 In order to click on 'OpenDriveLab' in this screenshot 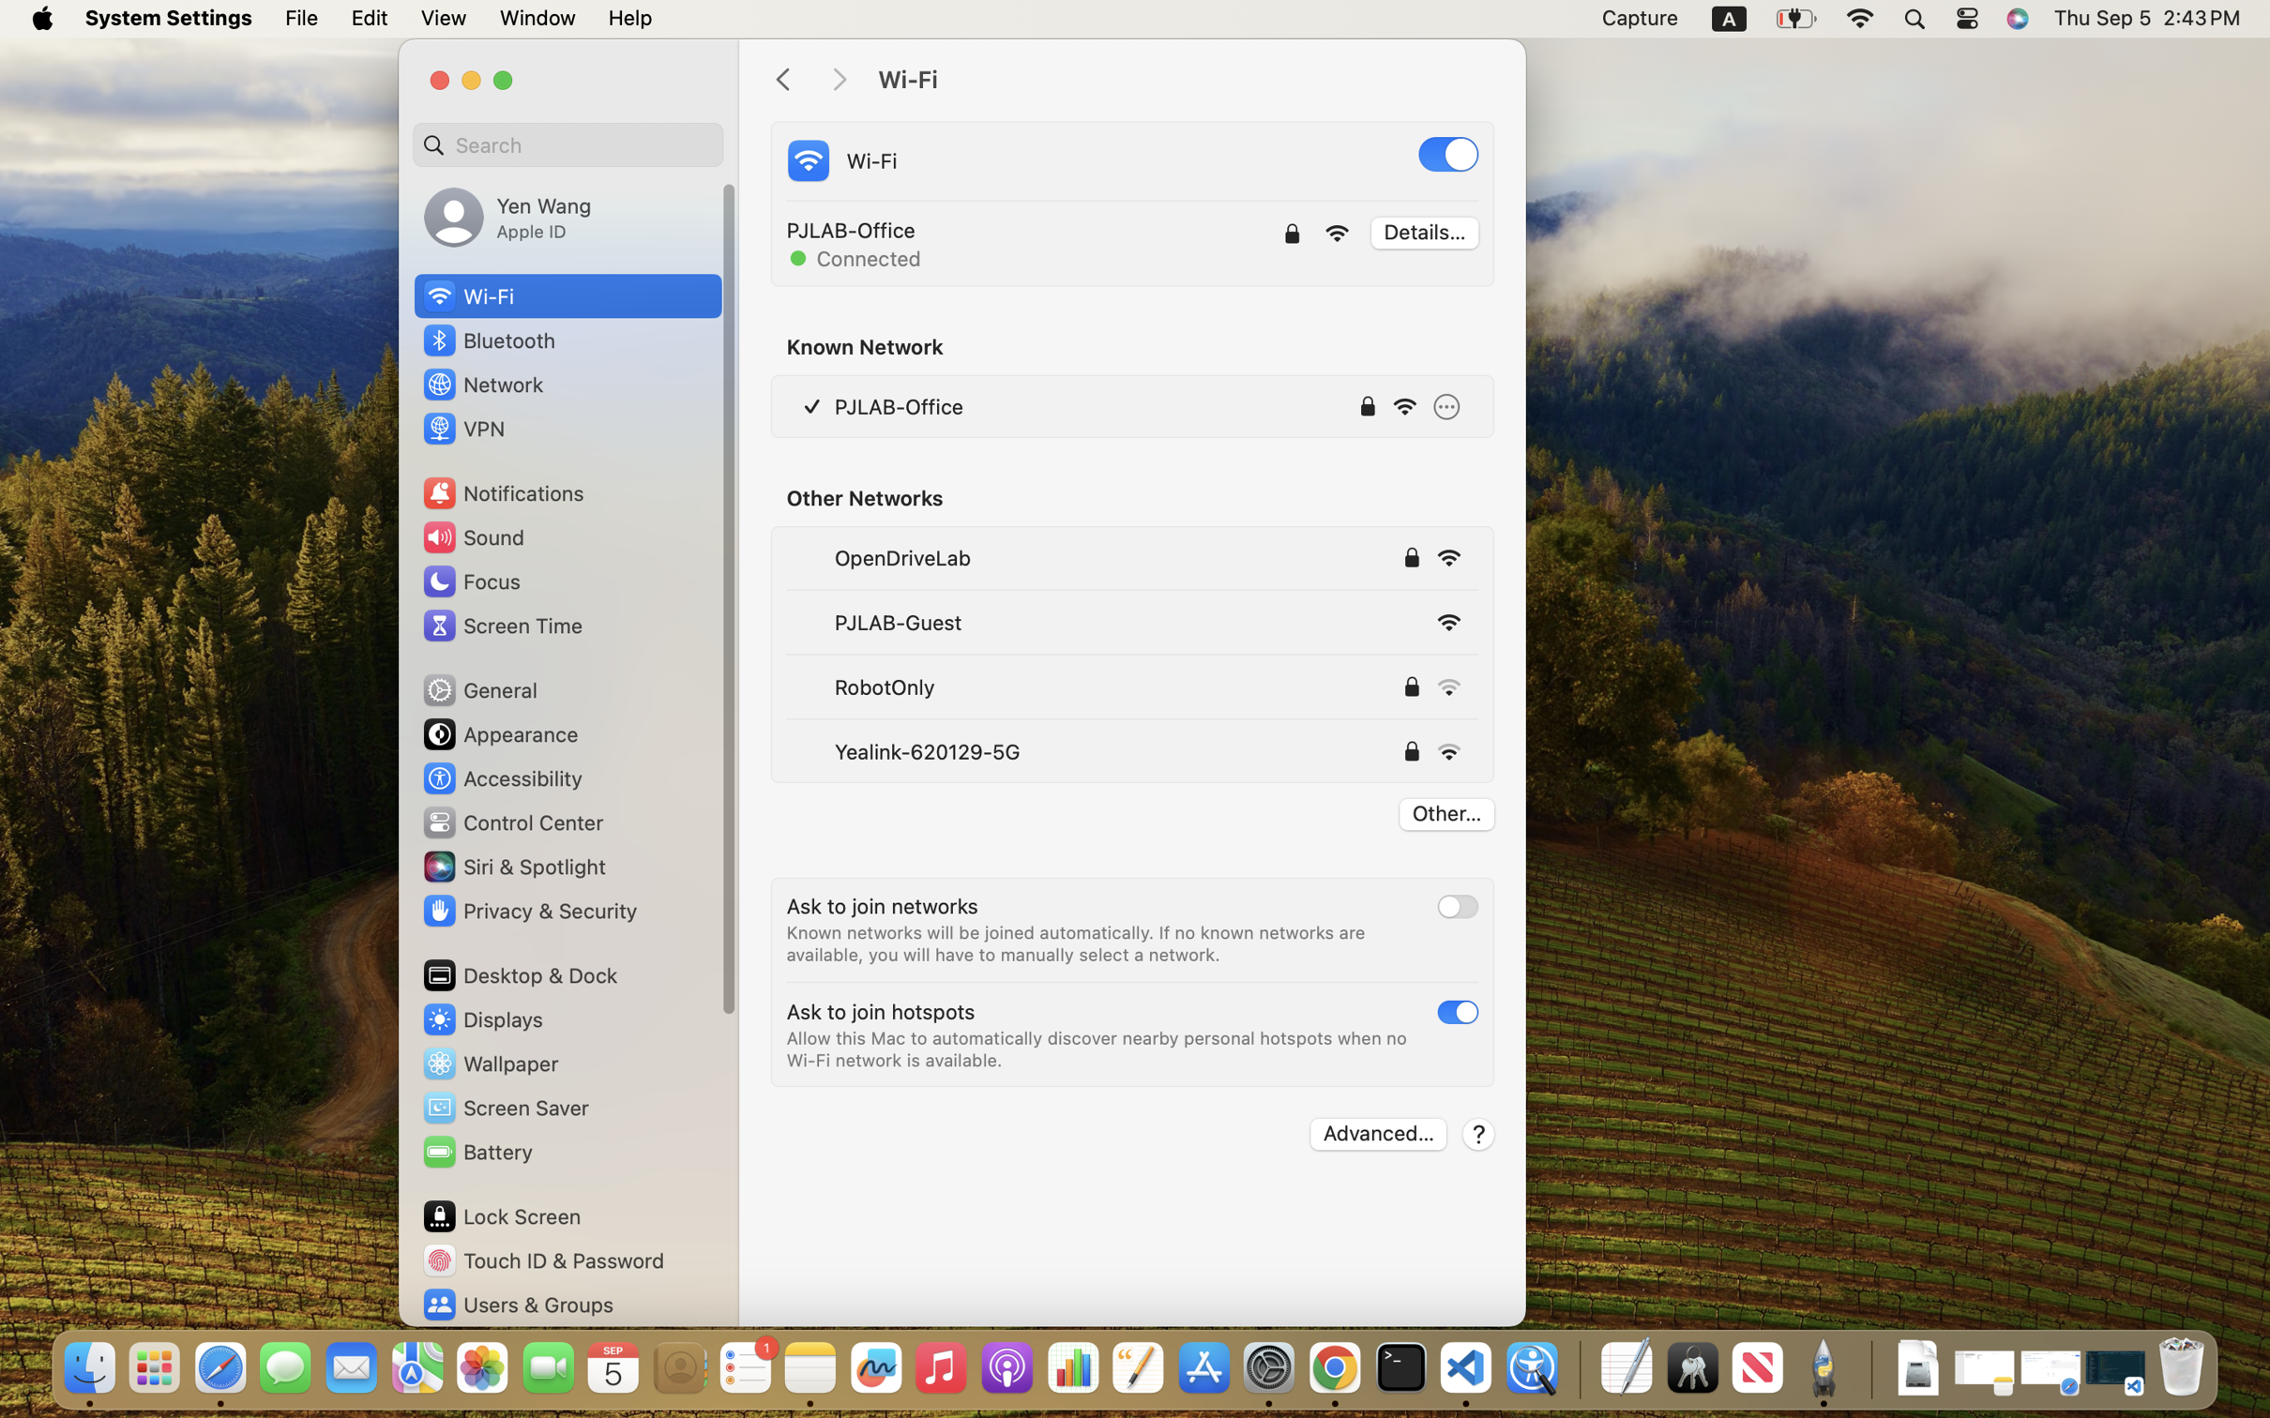, I will do `click(900, 556)`.